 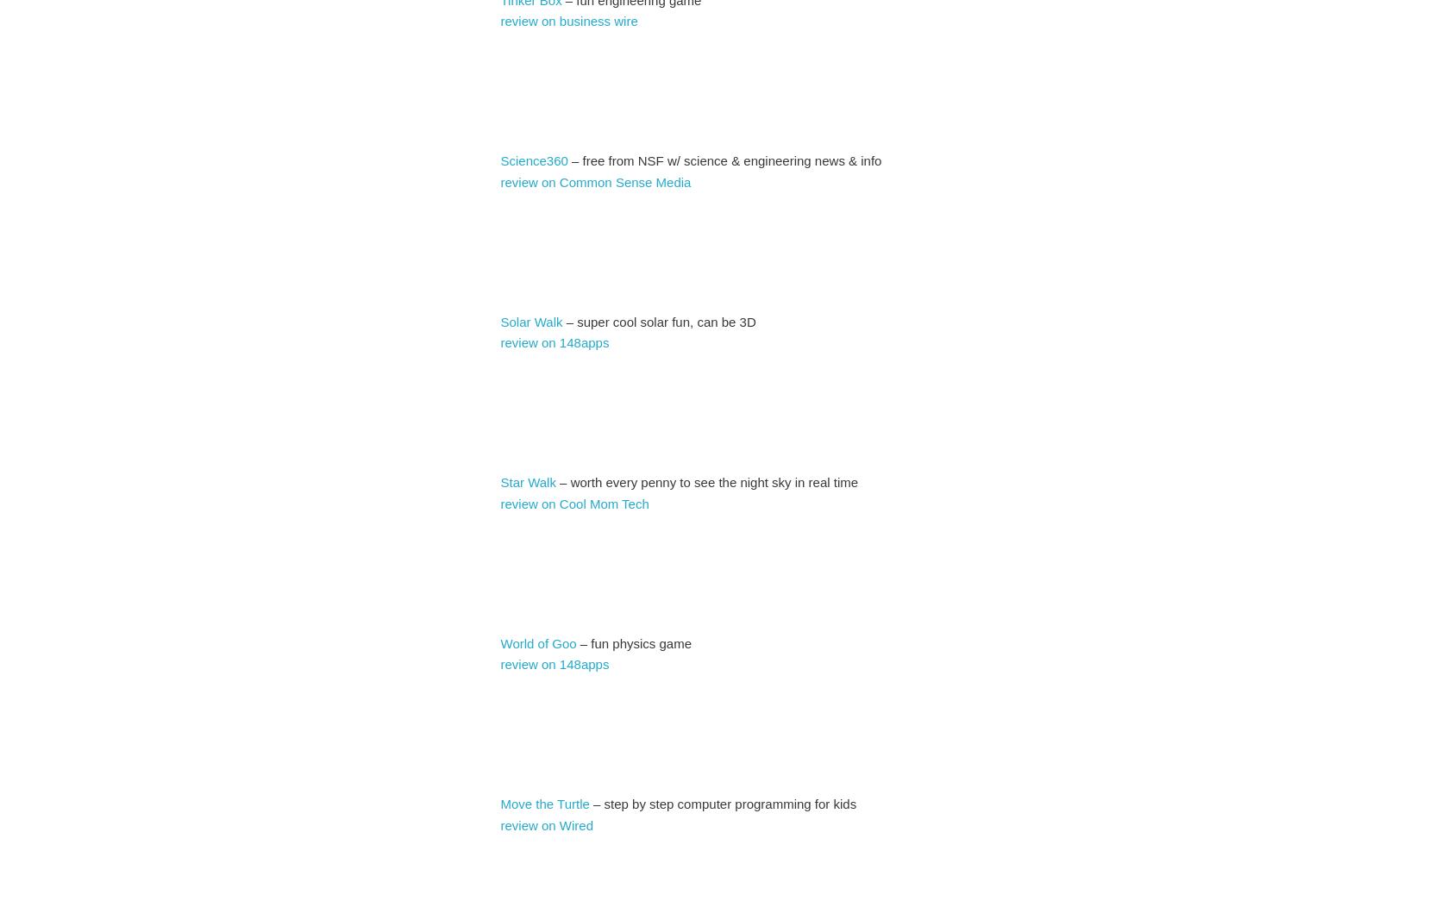 What do you see at coordinates (531, 320) in the screenshot?
I see `'Solar Walk'` at bounding box center [531, 320].